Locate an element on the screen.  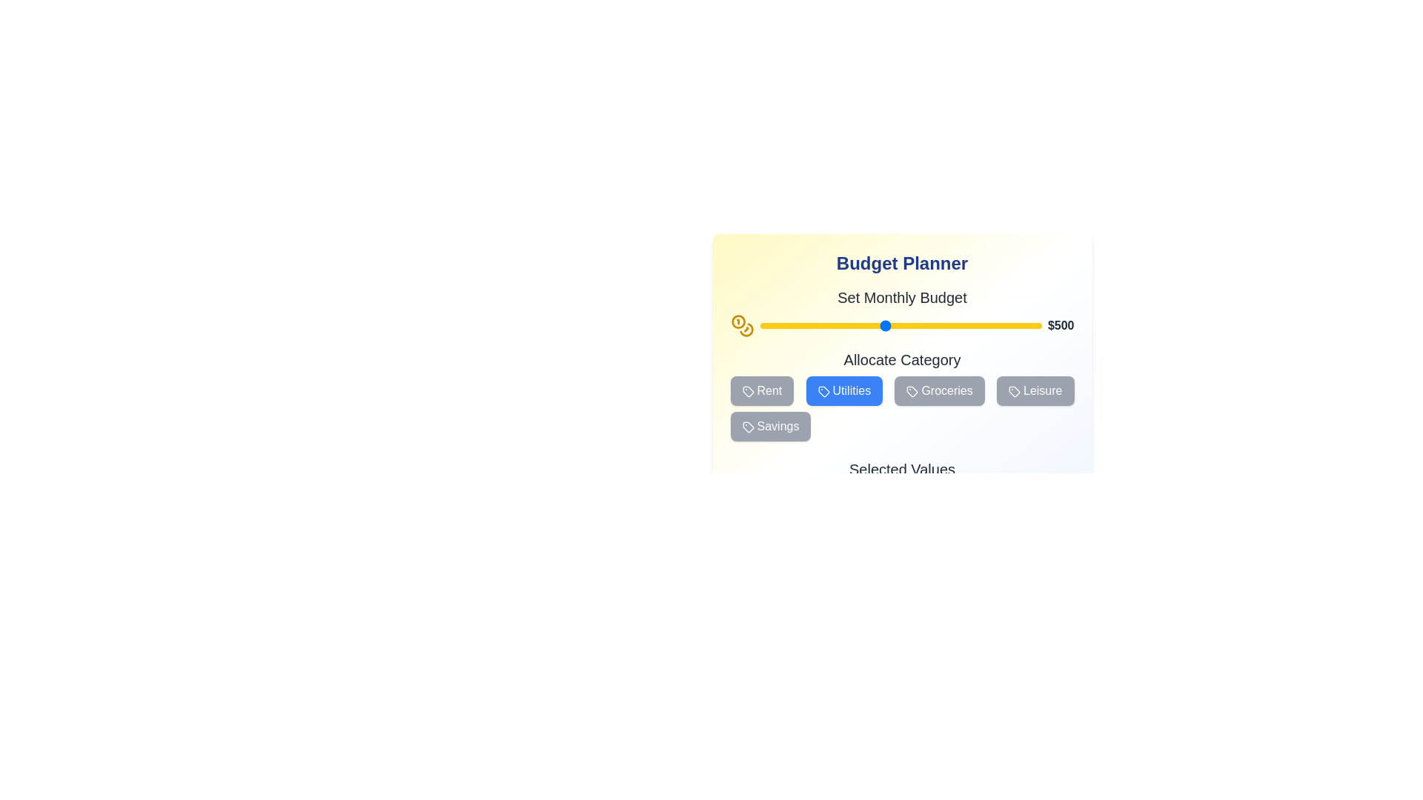
the 'Savings' button located at the bottom-left of the category selection layout is located at coordinates (770, 426).